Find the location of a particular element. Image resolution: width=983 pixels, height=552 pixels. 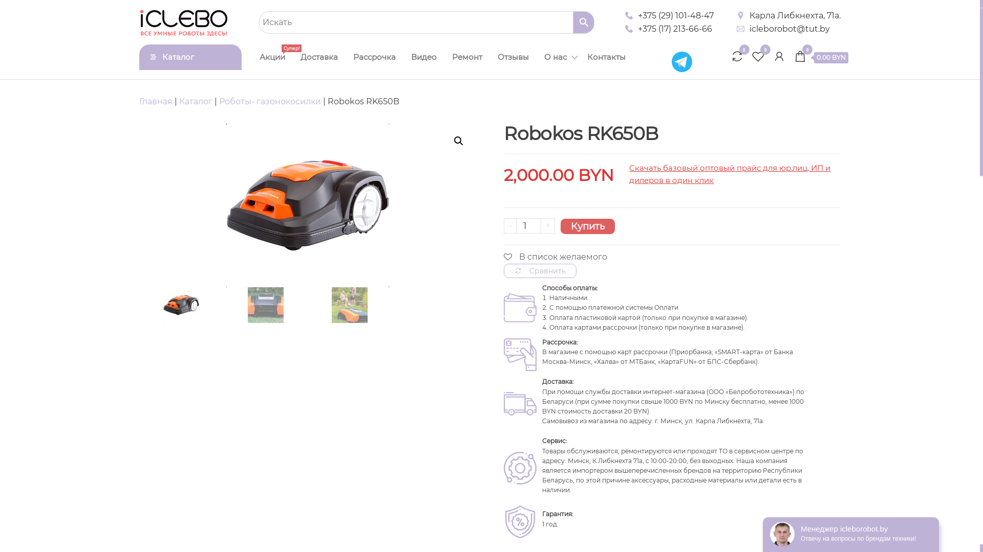

'0 is located at coordinates (821, 58).